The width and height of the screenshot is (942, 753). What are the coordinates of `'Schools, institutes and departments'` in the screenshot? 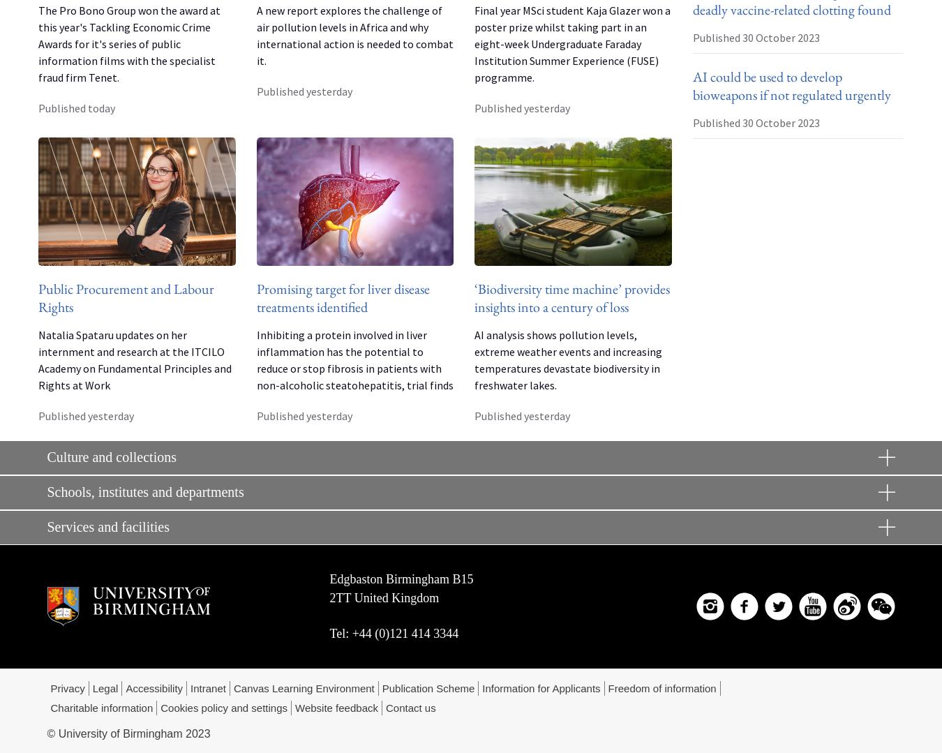 It's located at (45, 492).